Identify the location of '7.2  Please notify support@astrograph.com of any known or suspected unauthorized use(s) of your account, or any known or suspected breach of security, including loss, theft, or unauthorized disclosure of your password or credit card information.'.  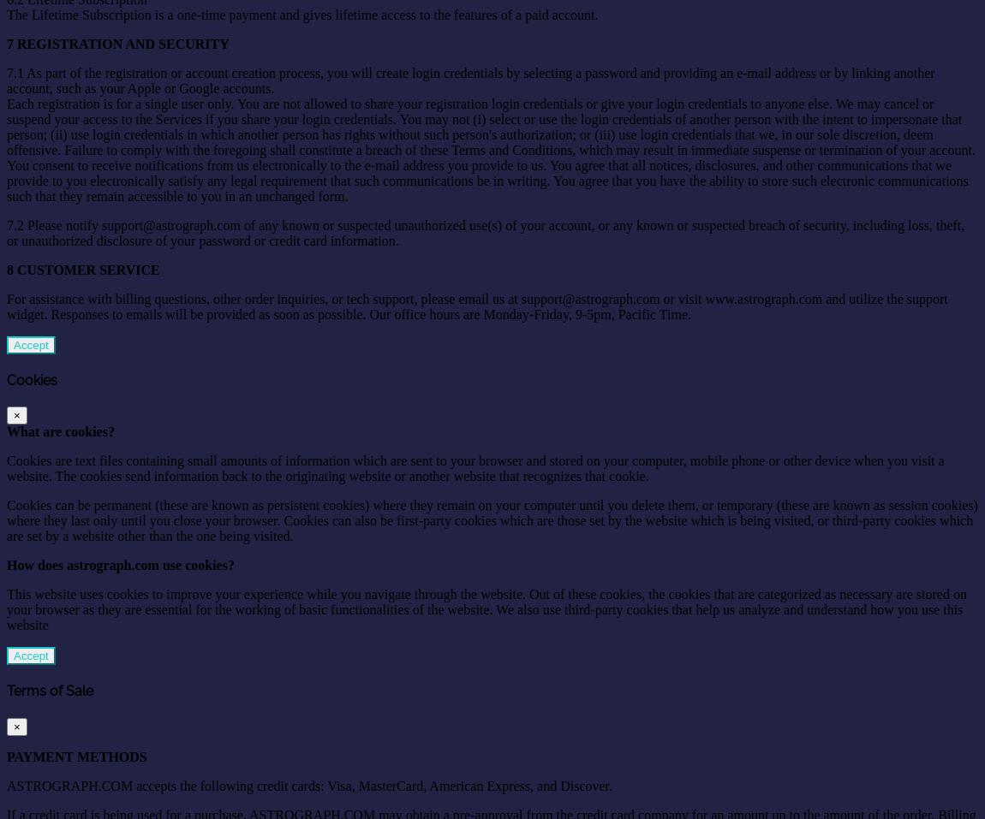
(485, 231).